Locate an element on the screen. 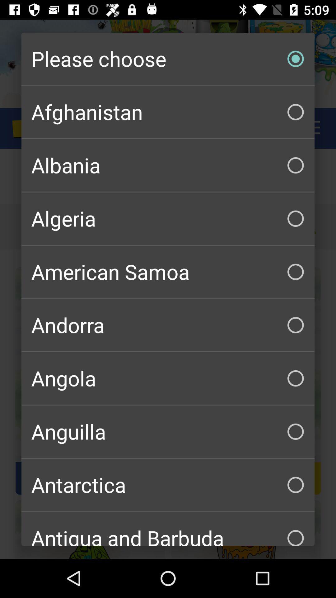  the albania icon is located at coordinates (168, 165).